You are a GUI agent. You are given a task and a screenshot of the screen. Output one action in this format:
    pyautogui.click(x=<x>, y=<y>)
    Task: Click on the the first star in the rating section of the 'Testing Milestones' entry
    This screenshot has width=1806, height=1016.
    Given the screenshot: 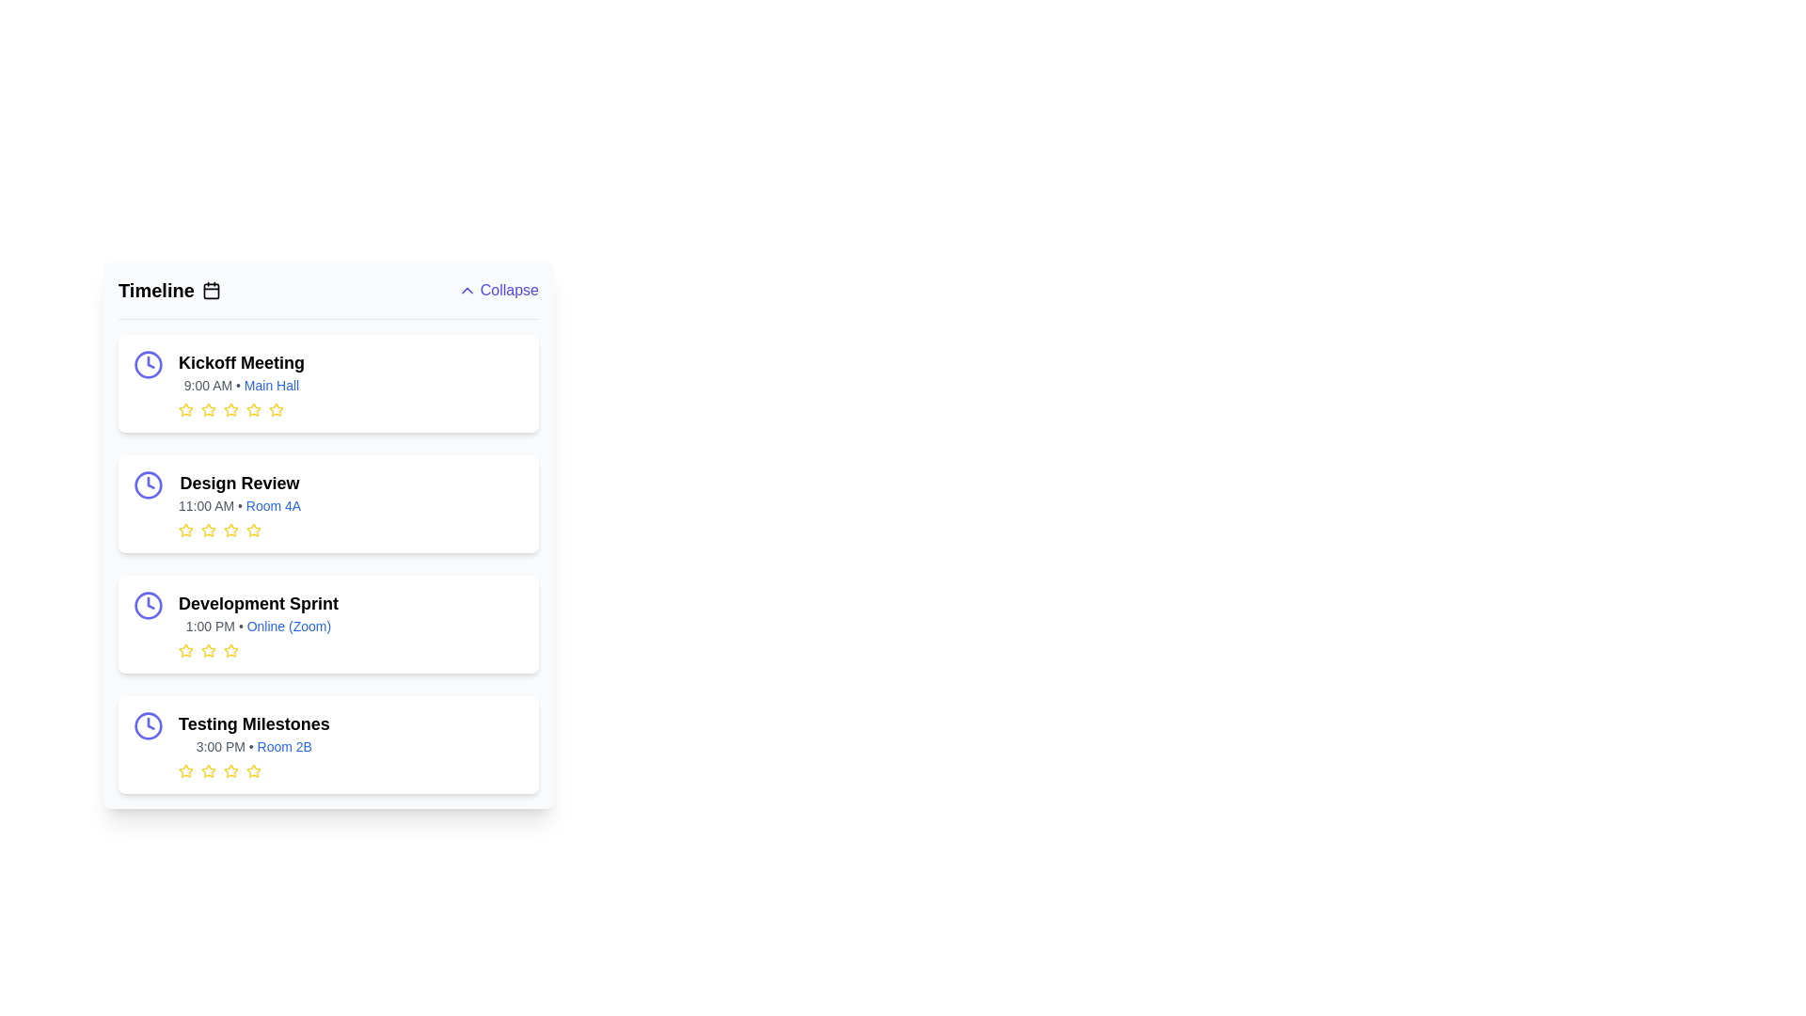 What is the action you would take?
    pyautogui.click(x=185, y=770)
    